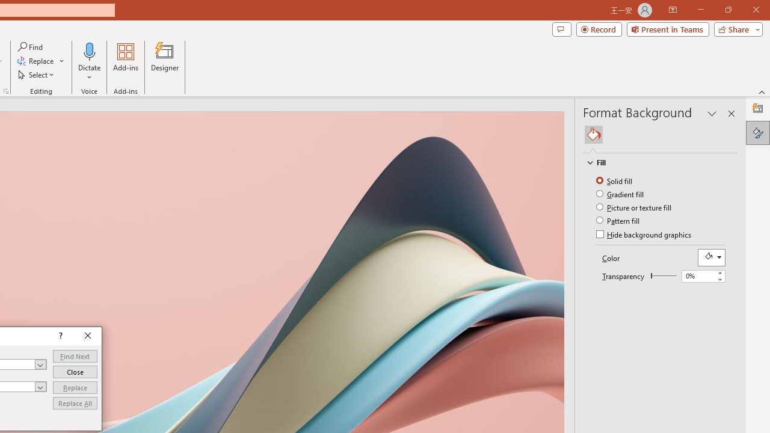  What do you see at coordinates (663, 275) in the screenshot?
I see `'Transparency'` at bounding box center [663, 275].